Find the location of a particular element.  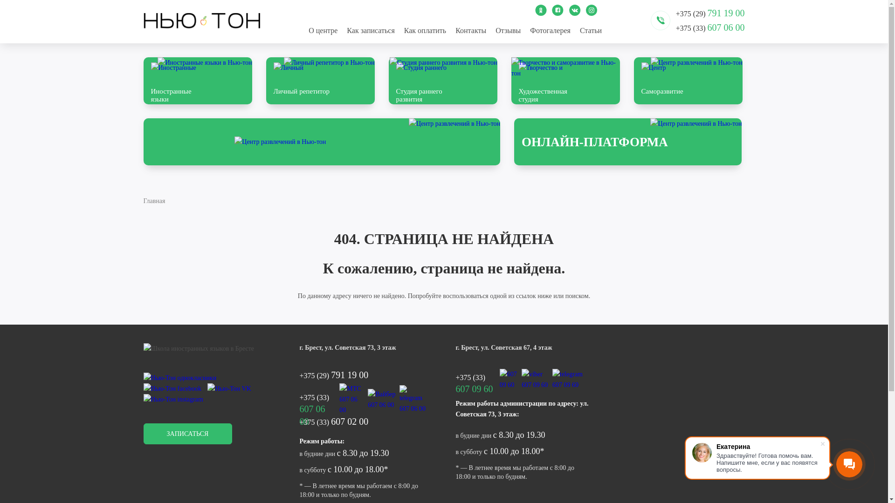

'+375 (33) 607 02 00' is located at coordinates (365, 421).